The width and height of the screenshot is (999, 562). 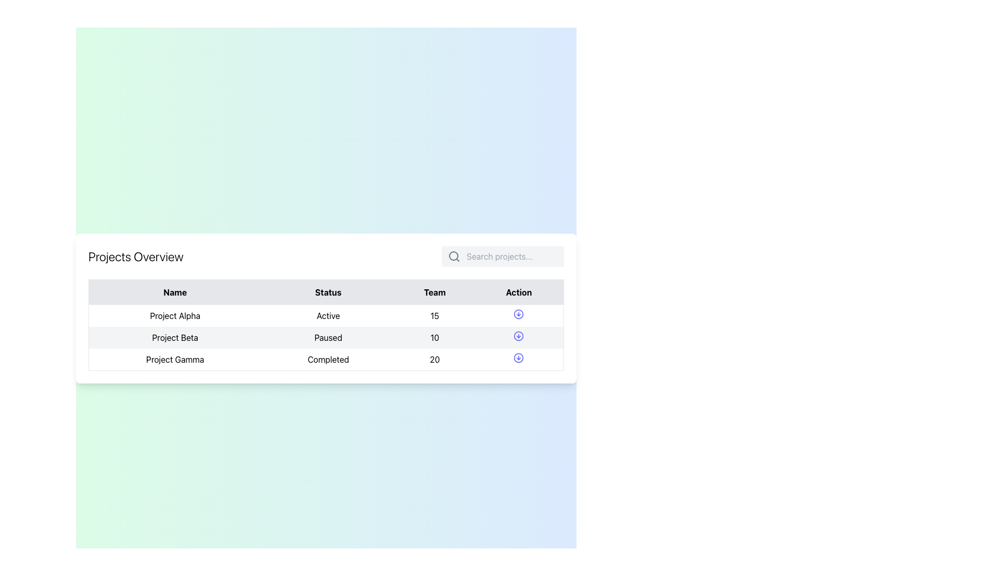 I want to click on the text label that displays the numerical value indicating the team count for the corresponding project in the table, which is located in the 'Team' column of the first row, so click(x=434, y=315).